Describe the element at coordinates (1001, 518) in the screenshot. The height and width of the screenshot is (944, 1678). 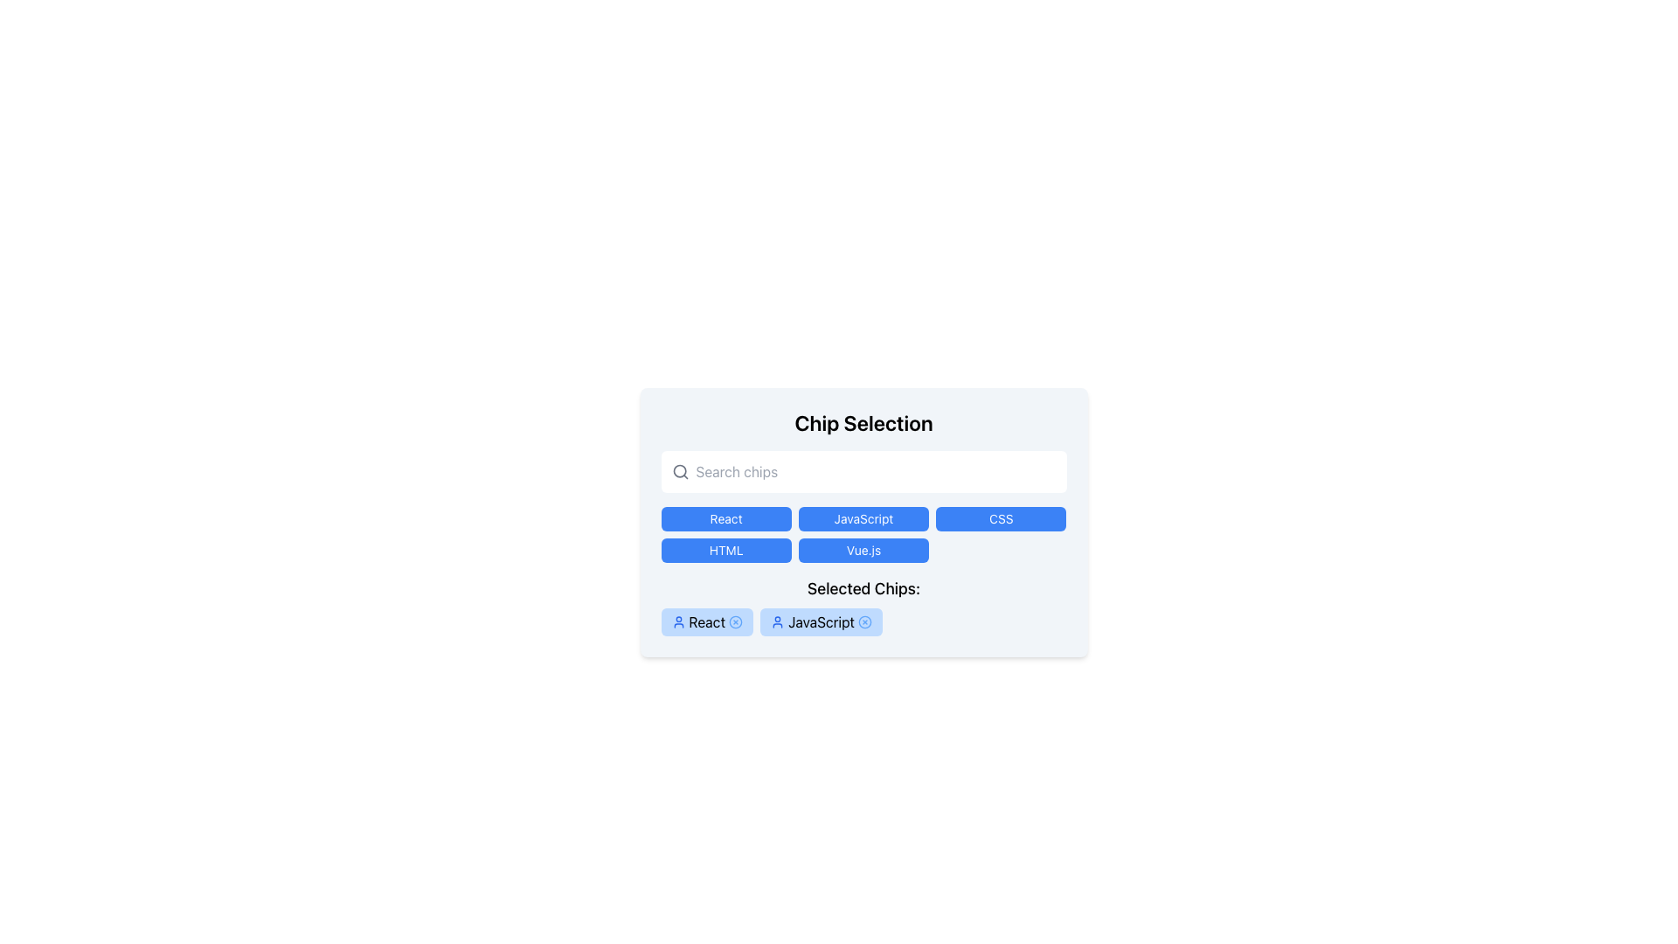
I see `the rectangular button with a blue background and white text labeled 'CSS'` at that location.